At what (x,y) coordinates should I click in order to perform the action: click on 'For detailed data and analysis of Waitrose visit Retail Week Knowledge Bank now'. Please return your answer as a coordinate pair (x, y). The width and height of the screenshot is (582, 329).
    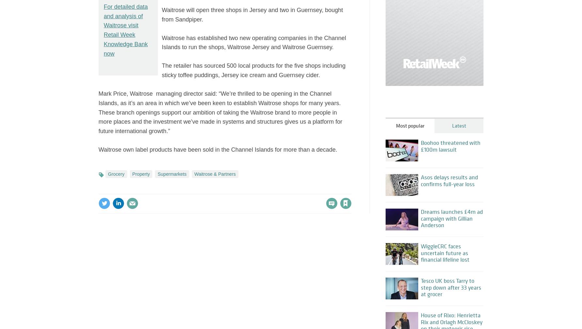
    Looking at the image, I should click on (125, 30).